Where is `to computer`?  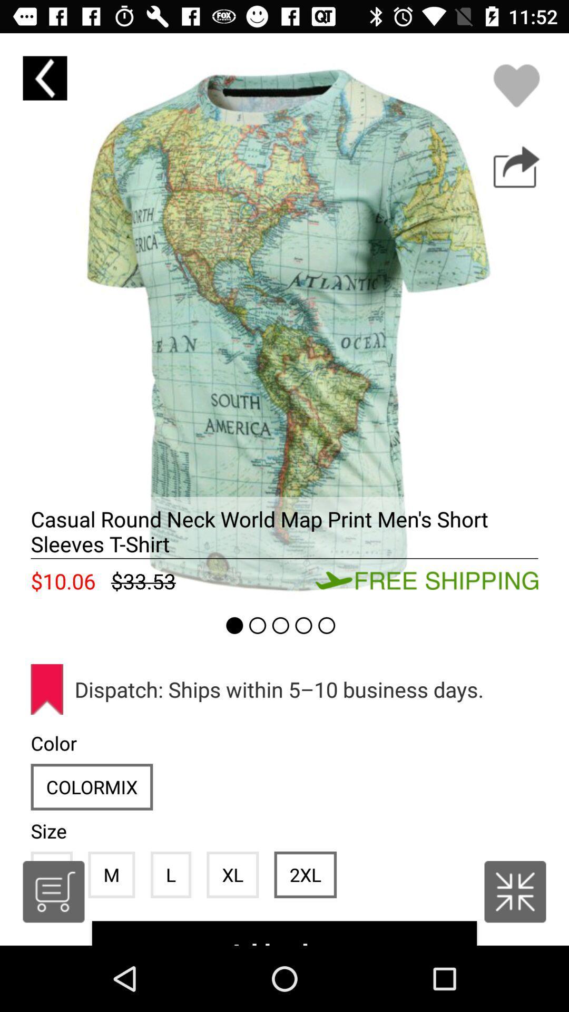 to computer is located at coordinates (516, 167).